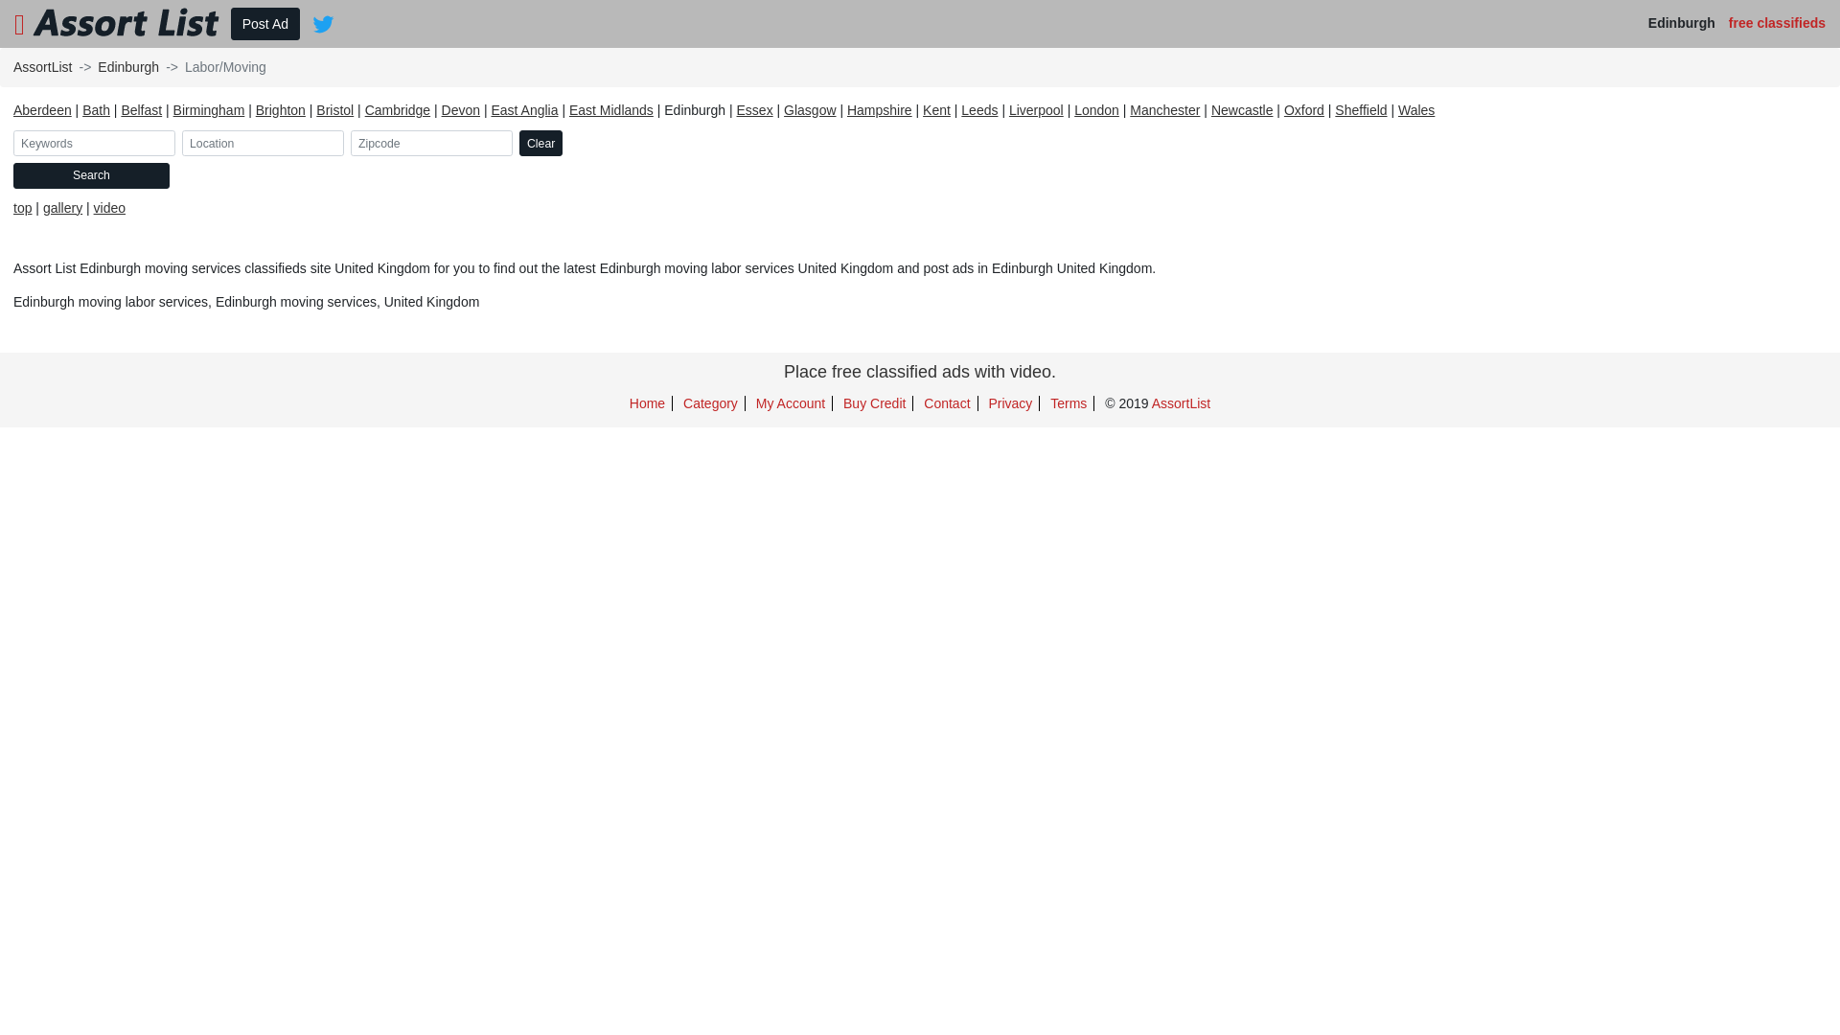 This screenshot has width=1840, height=1035. What do you see at coordinates (127, 65) in the screenshot?
I see `'Edinburgh'` at bounding box center [127, 65].